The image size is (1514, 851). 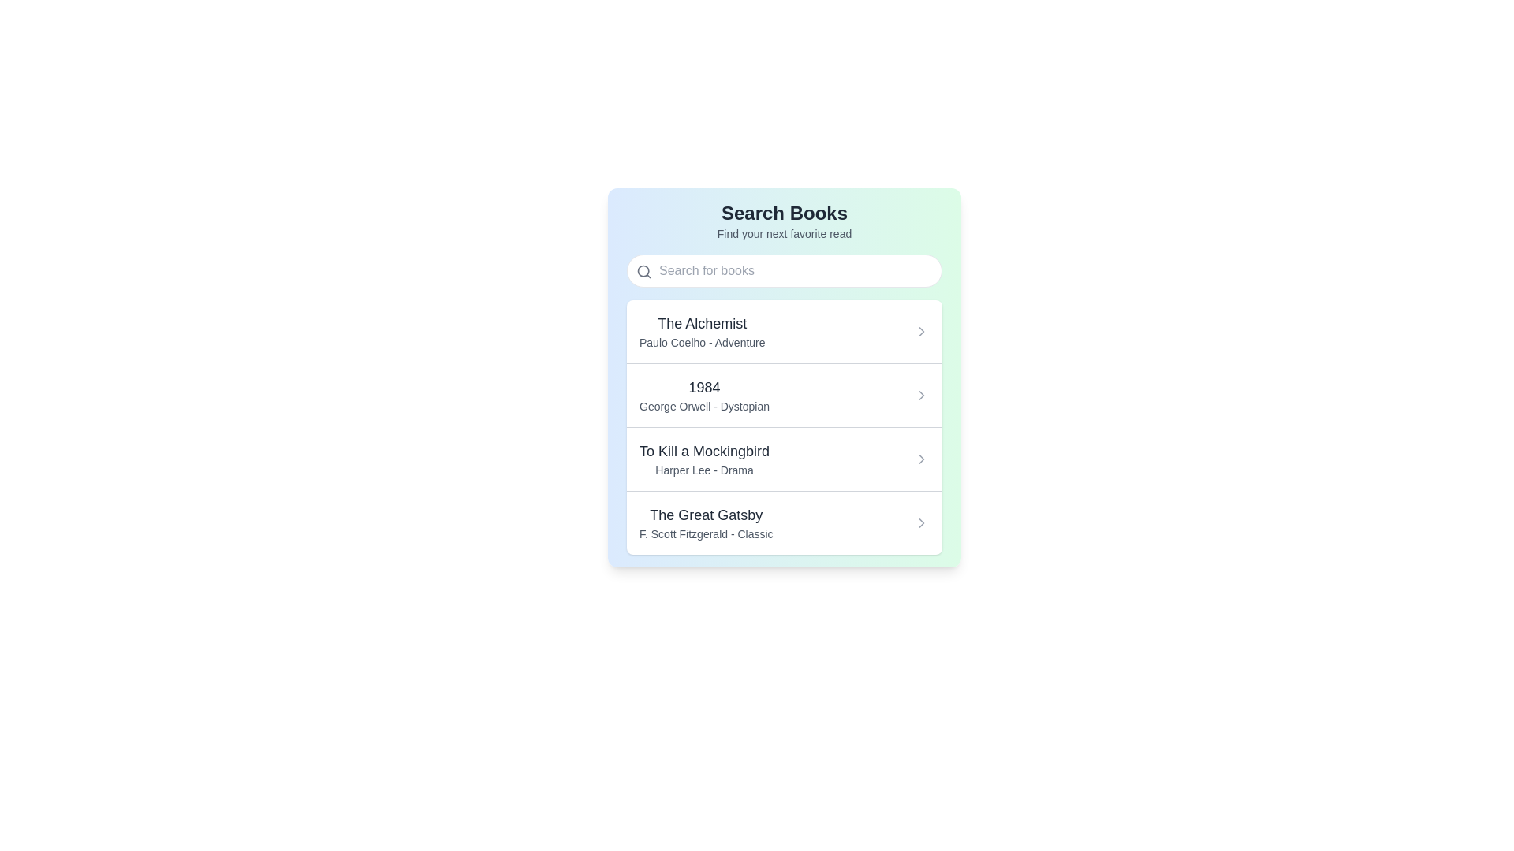 What do you see at coordinates (705, 533) in the screenshot?
I see `the text label displaying 'F. Scott Fitzgerald - Classic', which is located directly beneath 'The Great Gatsby'` at bounding box center [705, 533].